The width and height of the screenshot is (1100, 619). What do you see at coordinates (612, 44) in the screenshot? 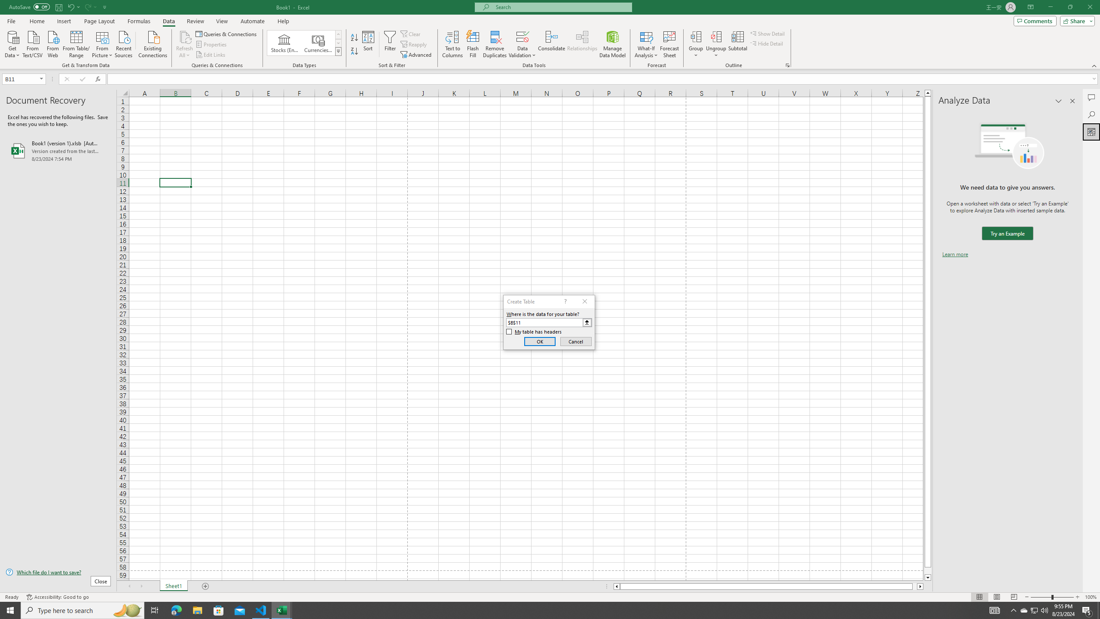
I see `'Manage Data Model'` at bounding box center [612, 44].